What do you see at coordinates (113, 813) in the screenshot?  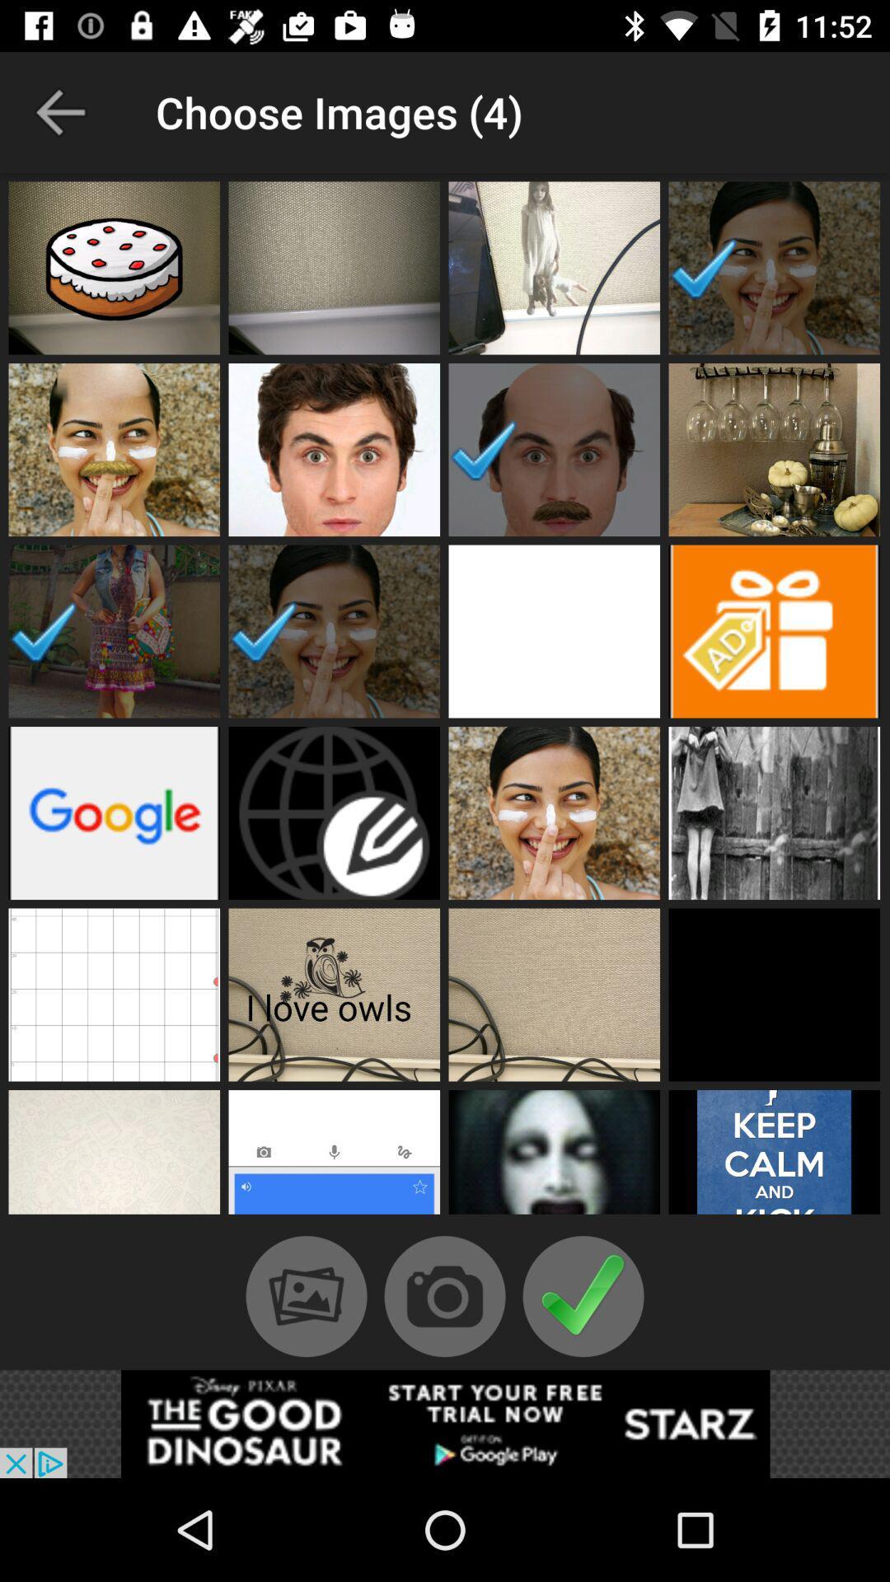 I see `image` at bounding box center [113, 813].